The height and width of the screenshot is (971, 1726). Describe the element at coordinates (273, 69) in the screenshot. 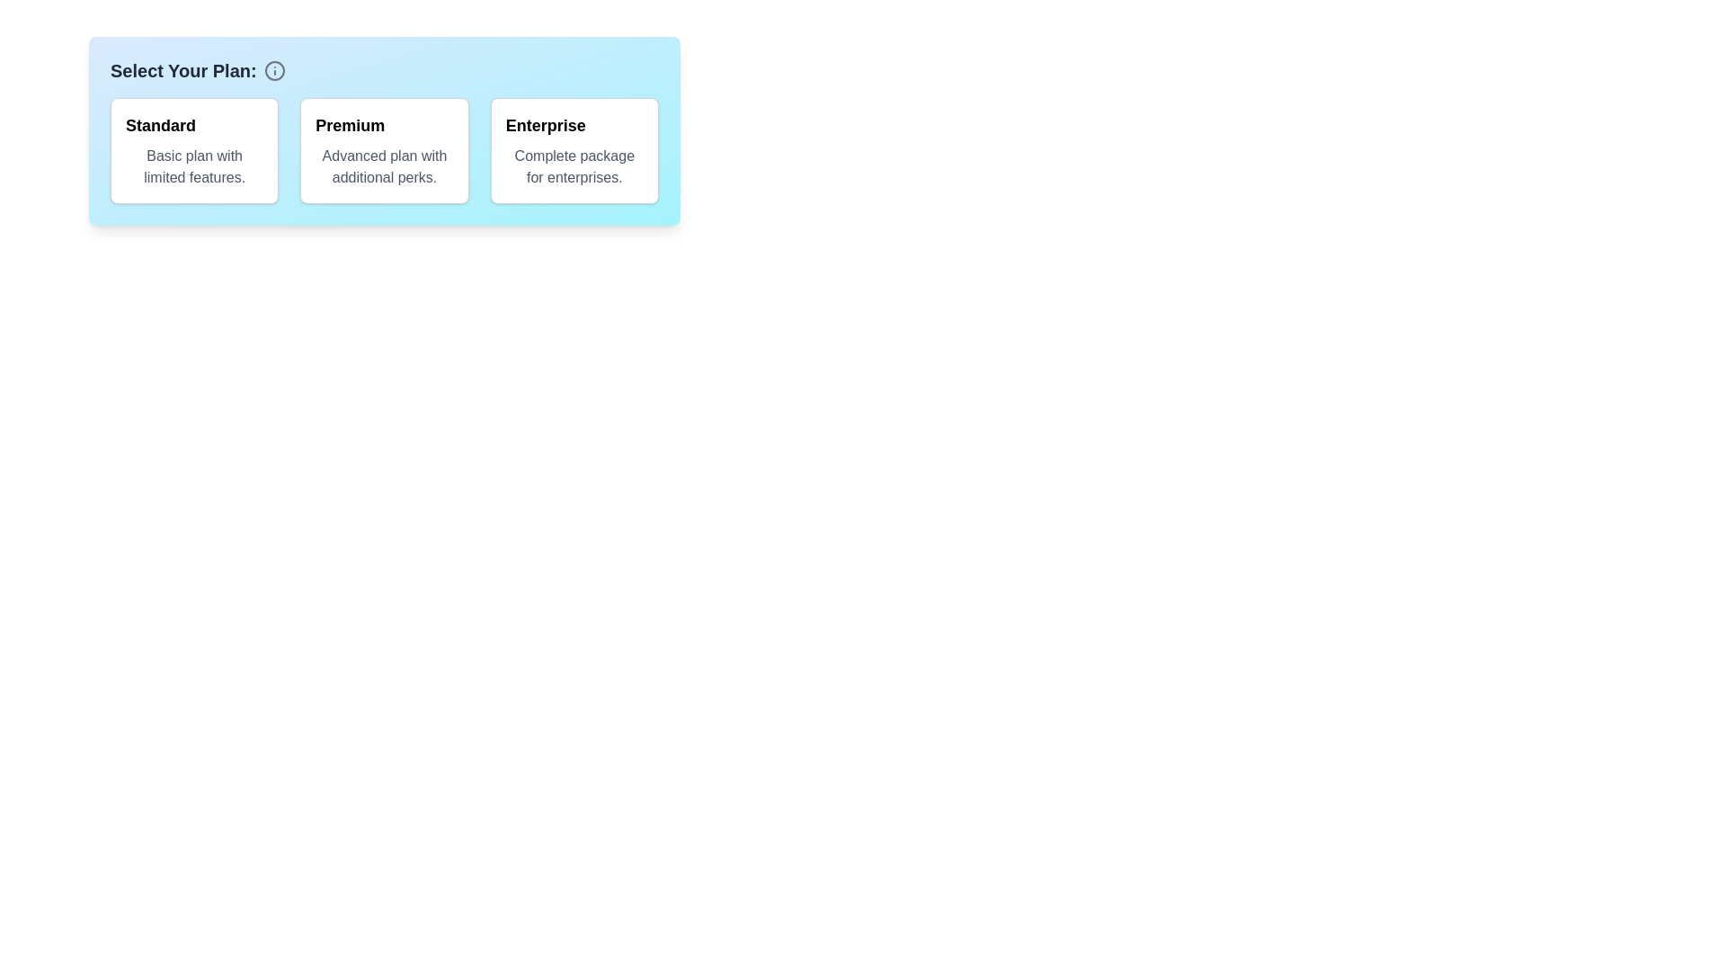

I see `the circular informational icon located to the right of the 'Select Your Plan:' header text` at that location.